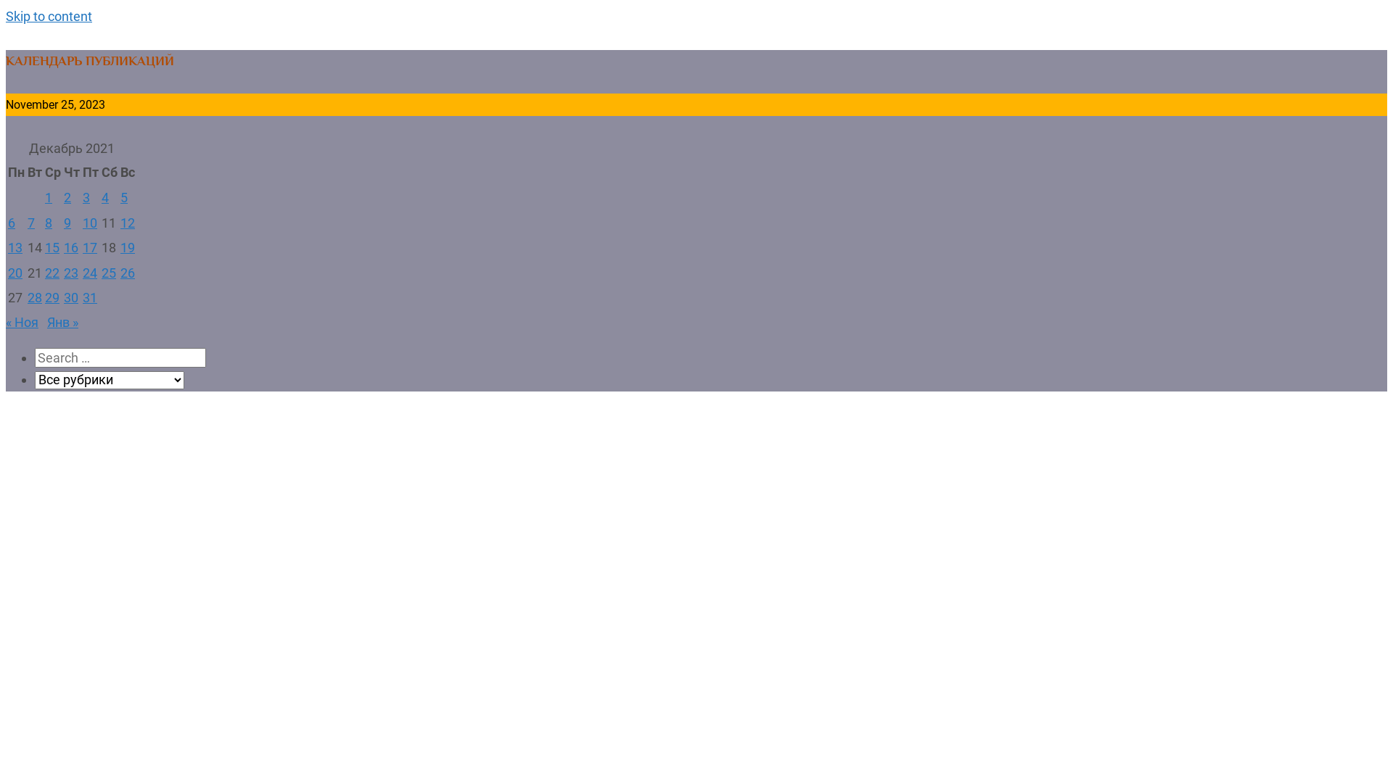  I want to click on '24', so click(89, 273).